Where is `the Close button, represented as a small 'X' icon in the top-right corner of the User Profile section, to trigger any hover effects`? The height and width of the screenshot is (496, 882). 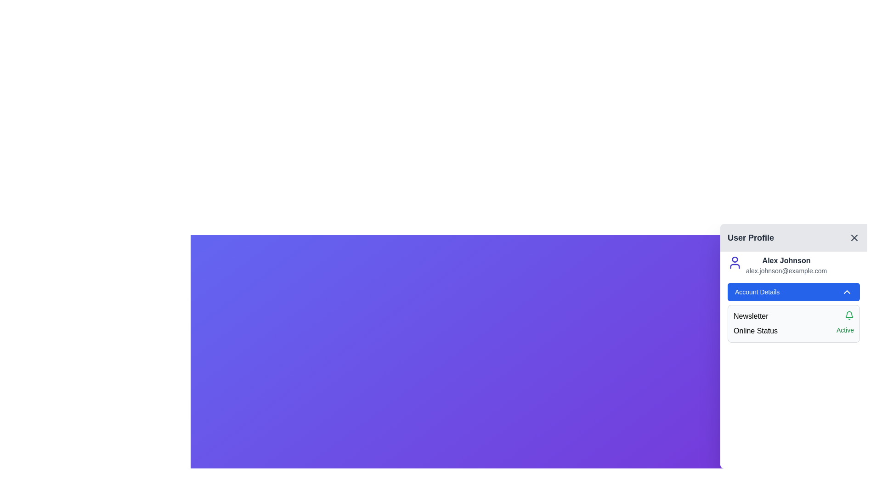 the Close button, represented as a small 'X' icon in the top-right corner of the User Profile section, to trigger any hover effects is located at coordinates (854, 237).